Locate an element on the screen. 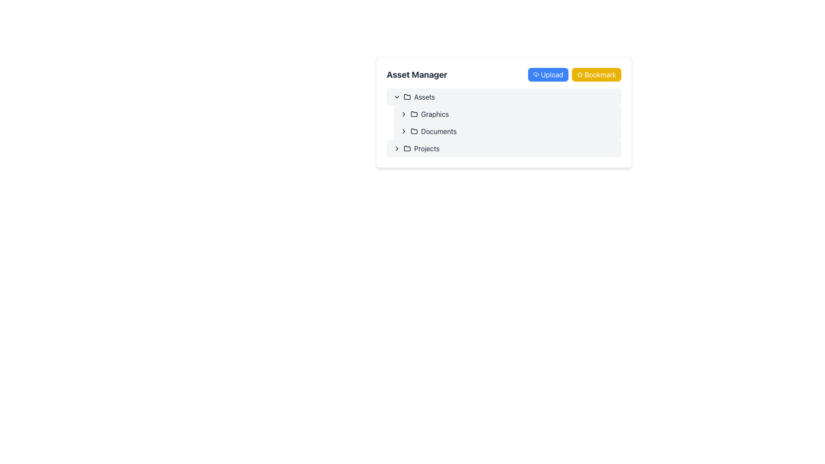 This screenshot has width=825, height=464. the folder icon located next to the 'Graphics' label in the menu tree under 'Asset Manager' is located at coordinates (414, 113).